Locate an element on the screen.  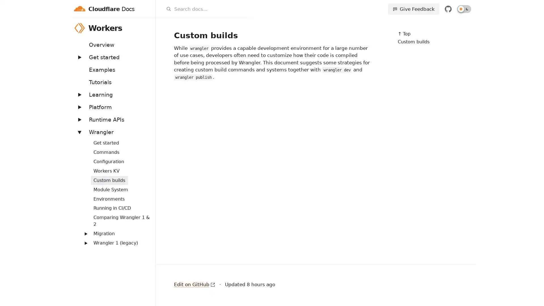
Give Feedback is located at coordinates (413, 9).